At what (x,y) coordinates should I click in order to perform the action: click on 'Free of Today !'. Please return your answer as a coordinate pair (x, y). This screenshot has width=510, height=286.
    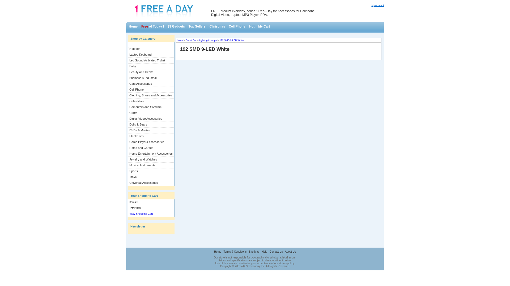
    Looking at the image, I should click on (152, 26).